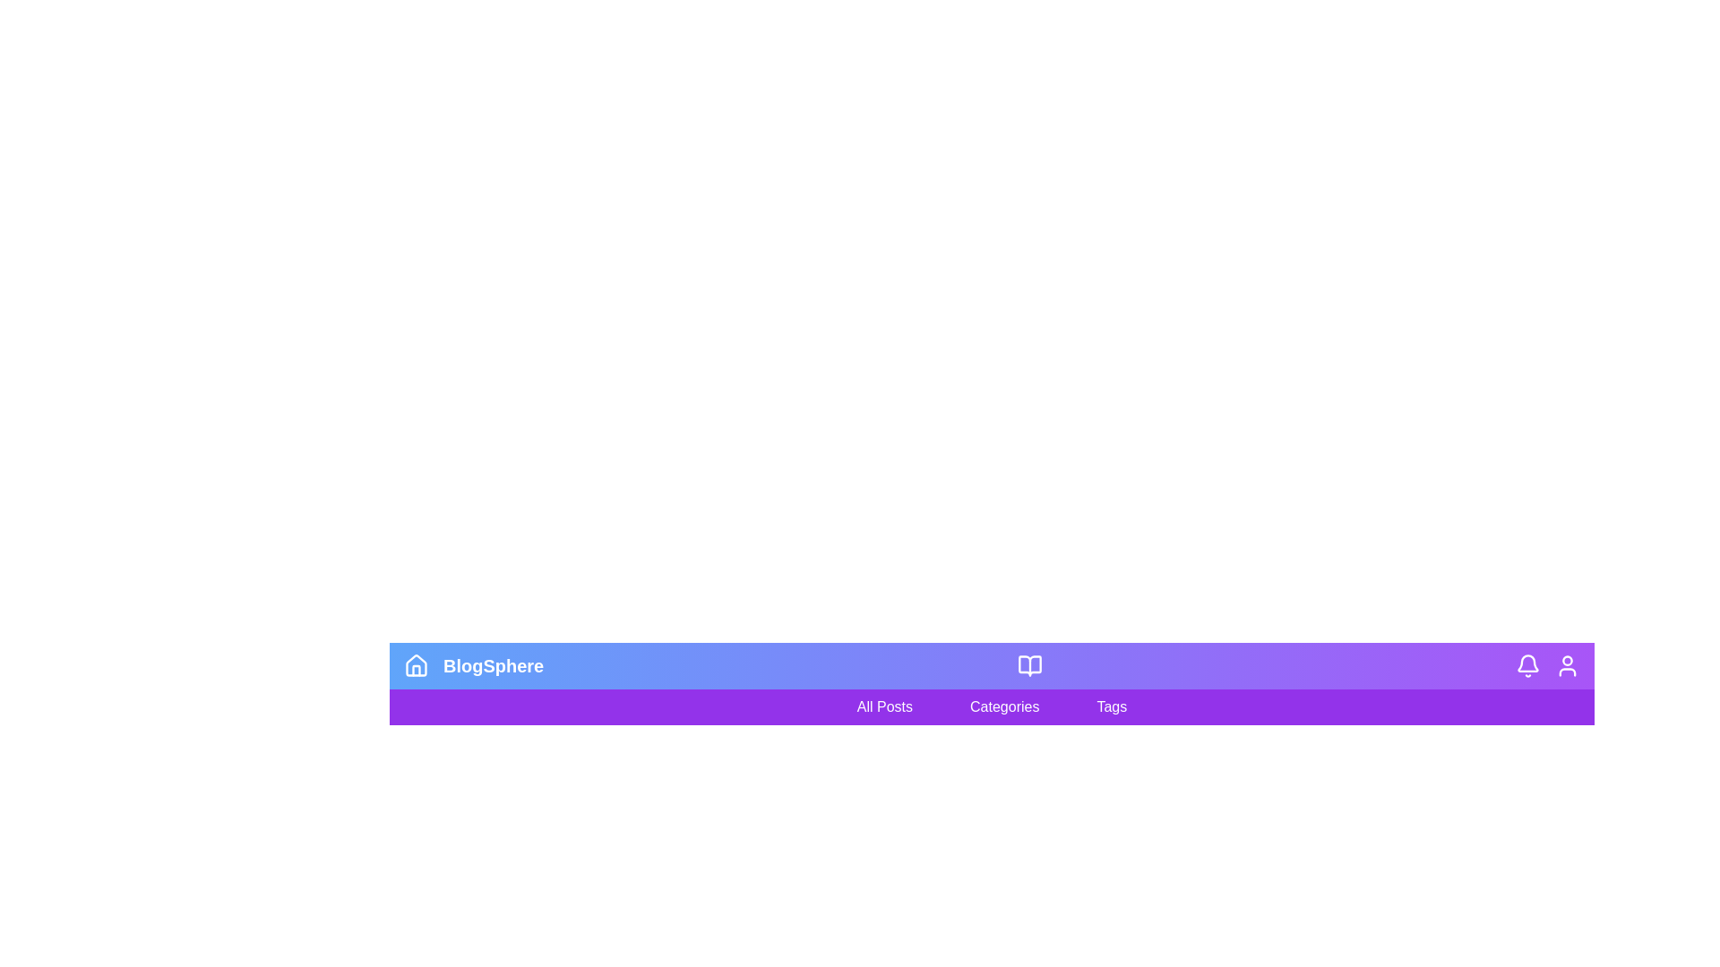  I want to click on the 'Categories' filter option to filter the content, so click(1004, 706).